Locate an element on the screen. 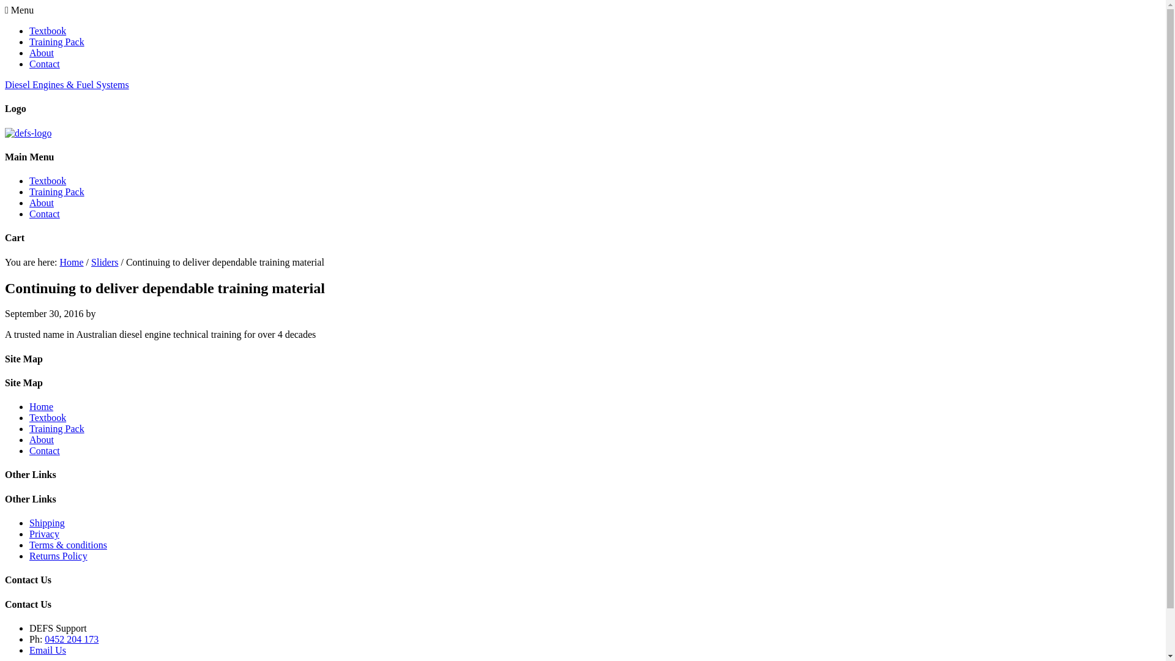 The height and width of the screenshot is (661, 1175). 'About' is located at coordinates (41, 202).